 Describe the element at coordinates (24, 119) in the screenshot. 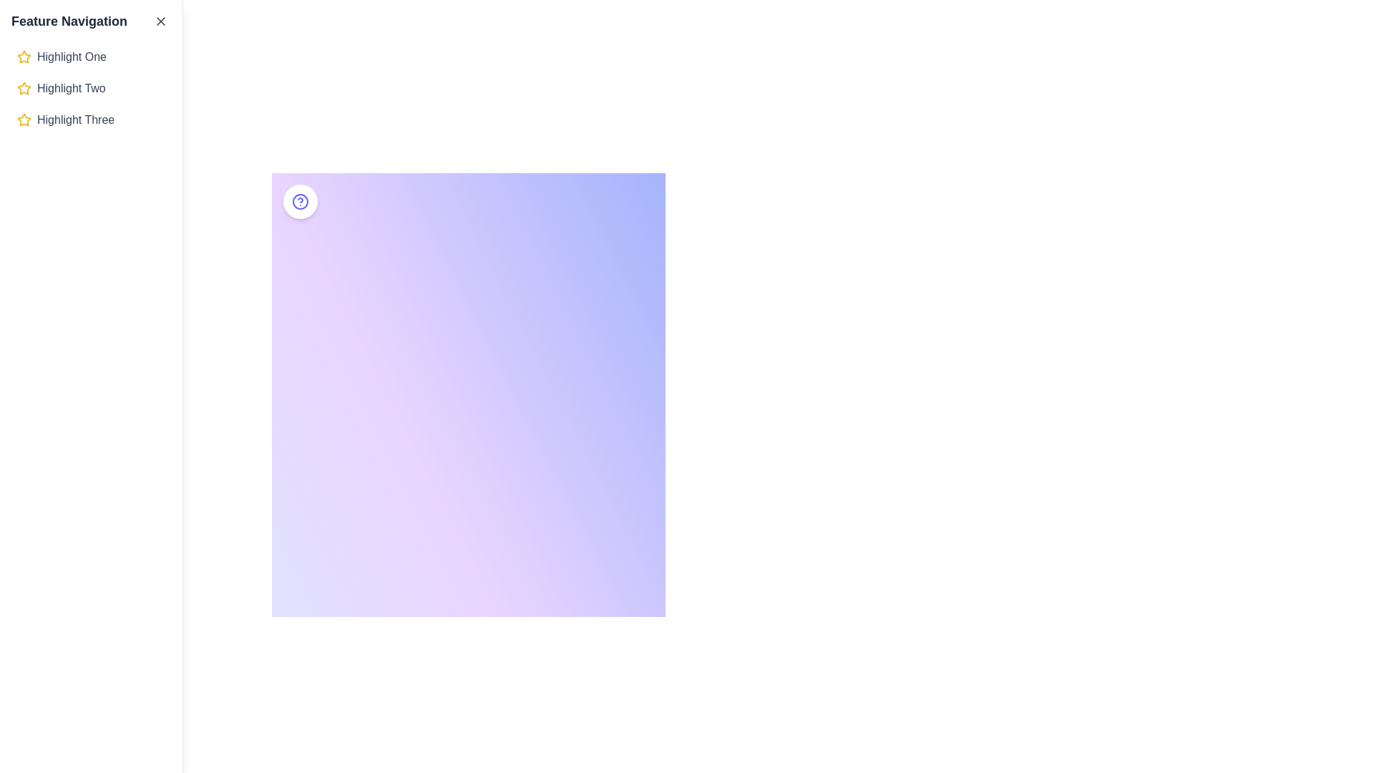

I see `the yellow star icon located in the 'Feature Navigation' panel` at that location.